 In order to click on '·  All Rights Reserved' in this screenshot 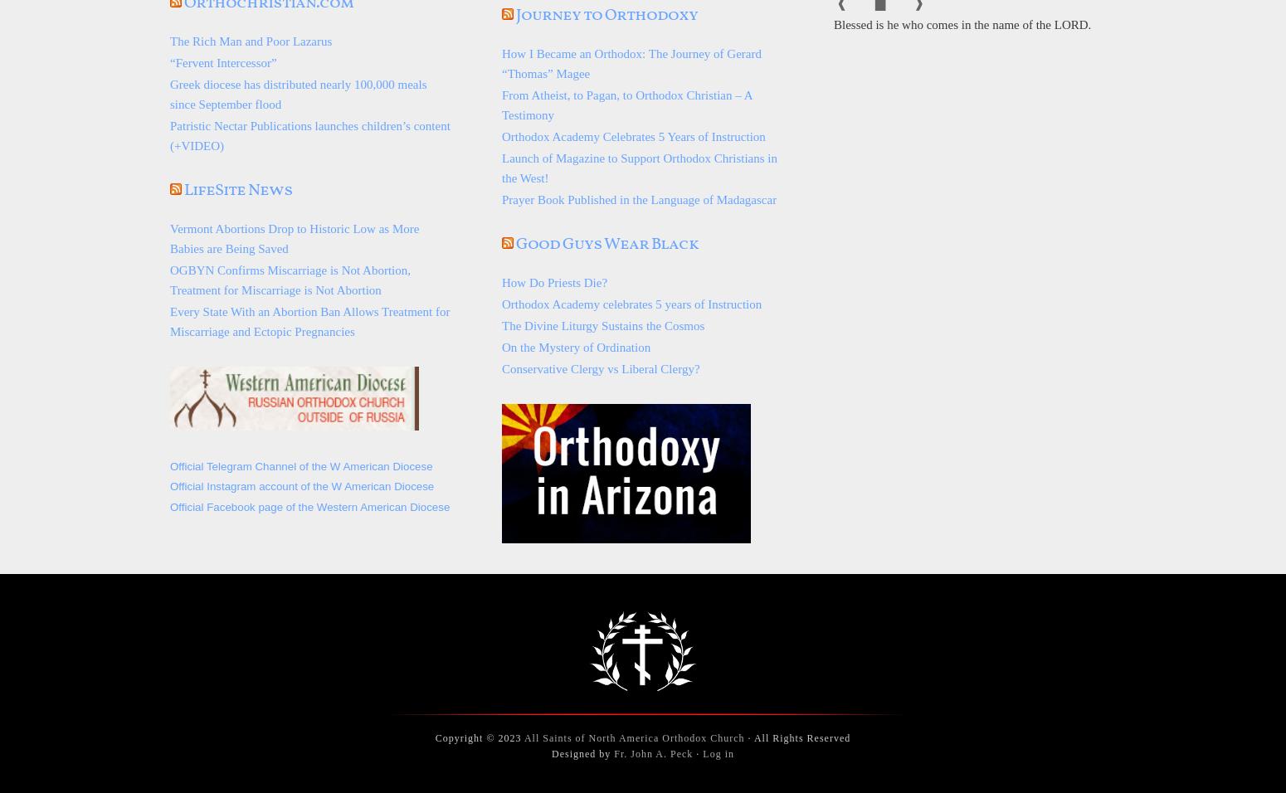, I will do `click(796, 737)`.